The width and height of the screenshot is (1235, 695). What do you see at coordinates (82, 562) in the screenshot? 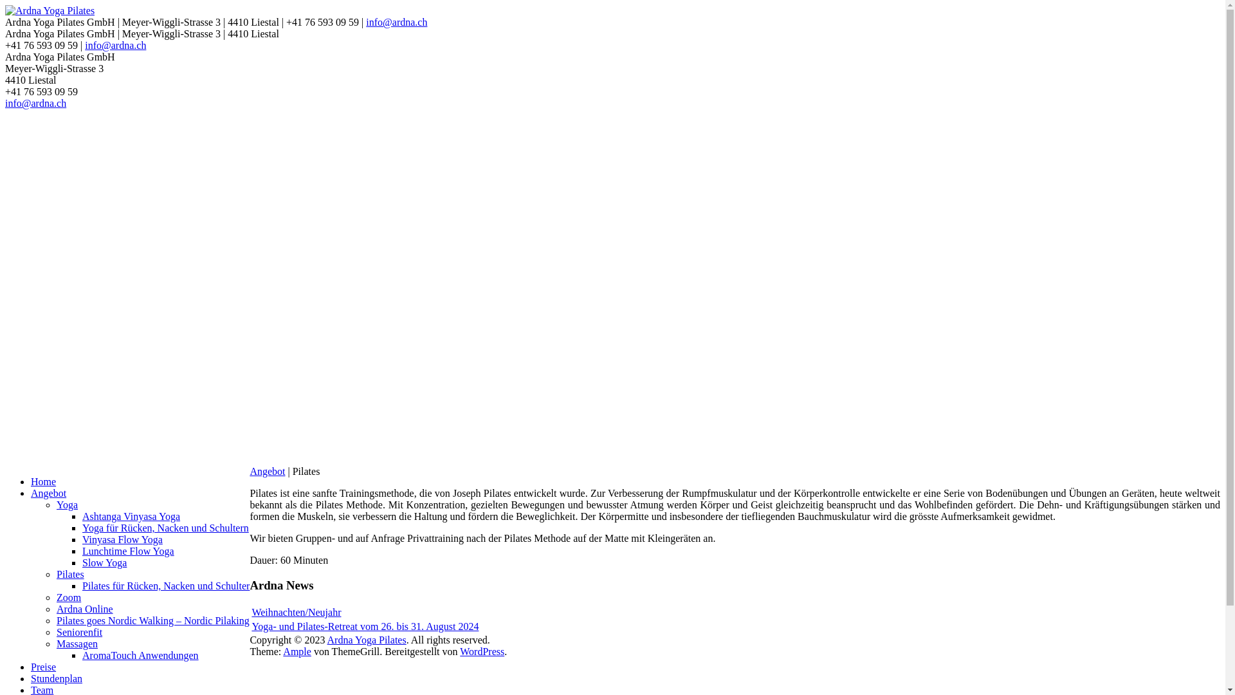
I see `'Slow Yoga'` at bounding box center [82, 562].